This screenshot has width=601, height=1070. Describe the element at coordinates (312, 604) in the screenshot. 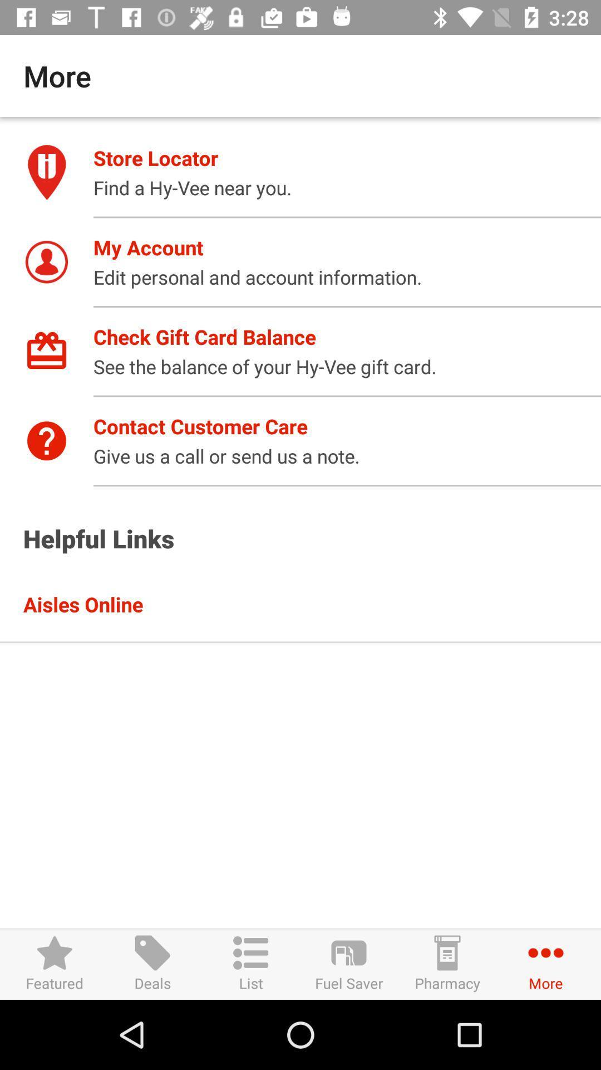

I see `the aisles online` at that location.